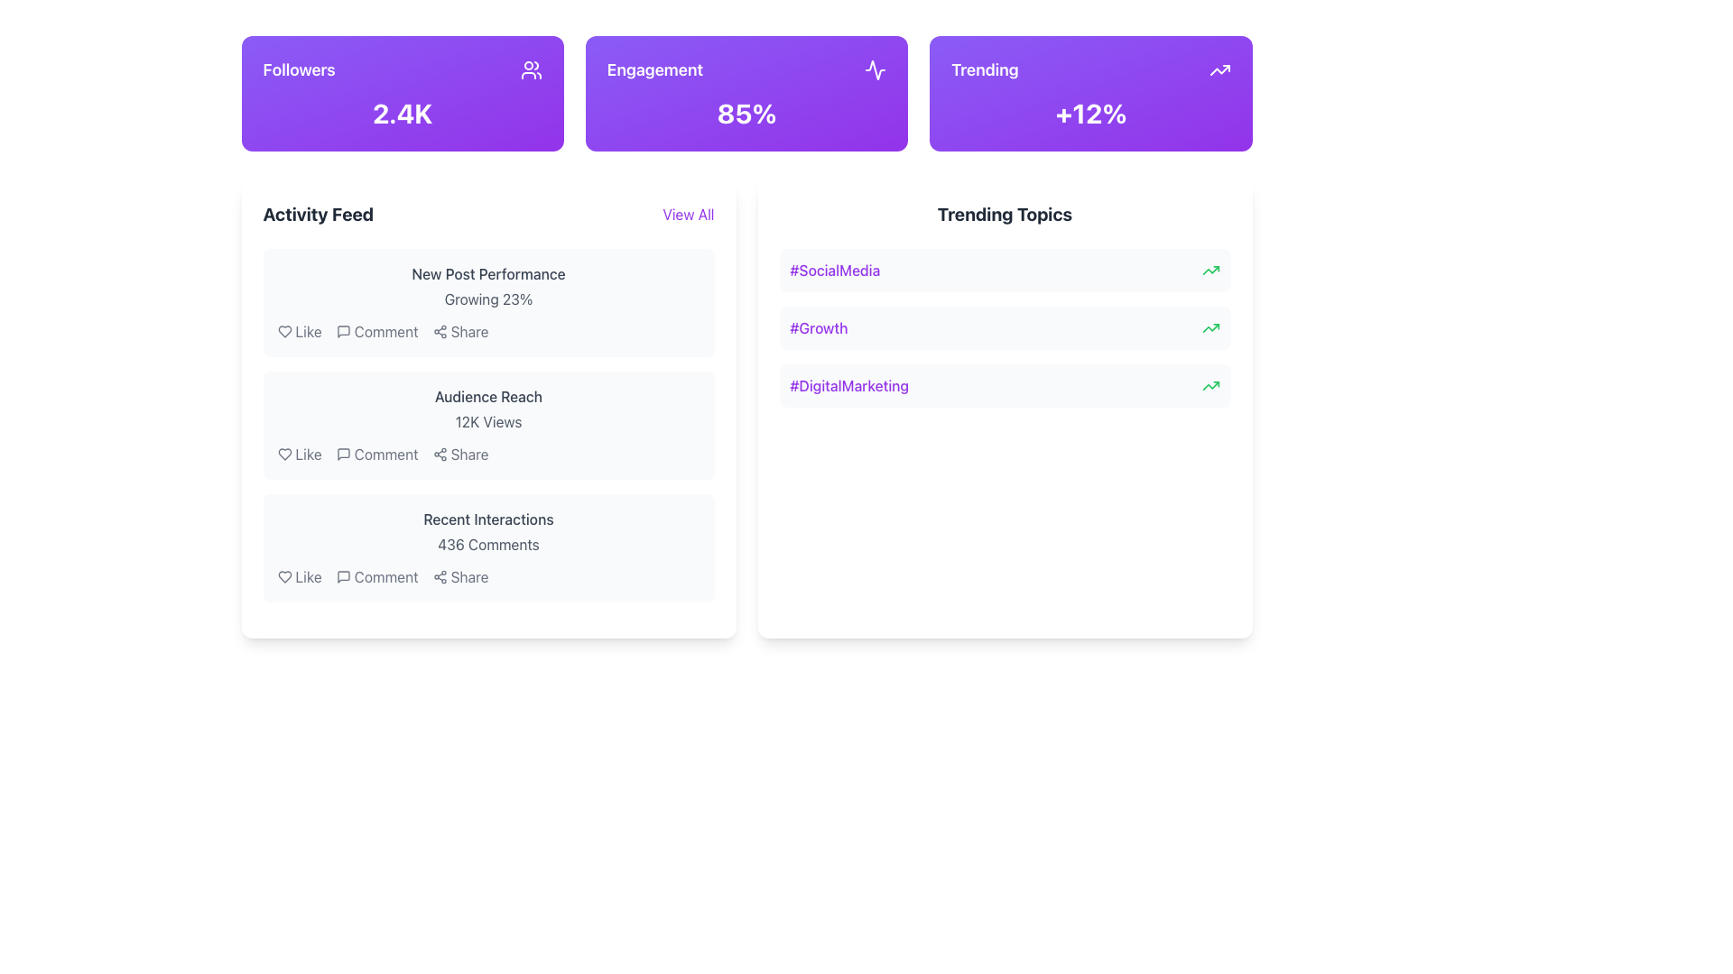 This screenshot has height=974, width=1733. I want to click on the bold and large text '2.4K' displayed in white font on a purple background, which is located beneath the 'Followers' label within the card interface, so click(402, 114).